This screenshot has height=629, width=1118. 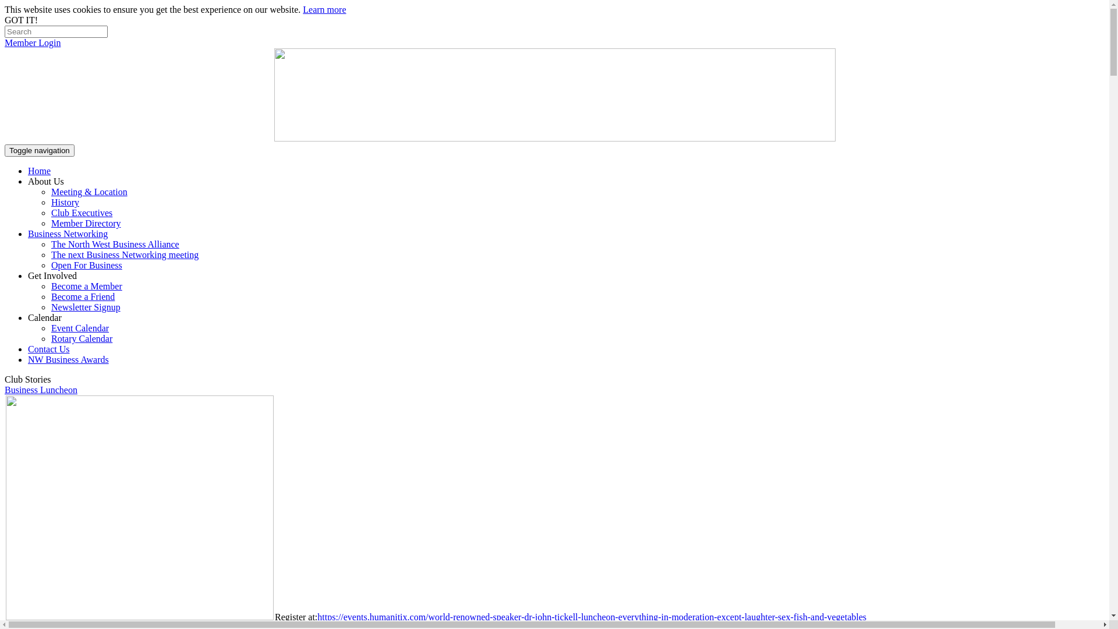 What do you see at coordinates (21, 20) in the screenshot?
I see `'GOT IT!'` at bounding box center [21, 20].